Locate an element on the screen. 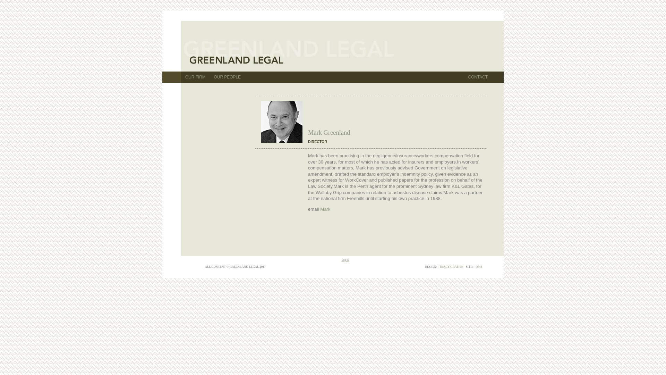 This screenshot has height=375, width=666. 'OUR PEOPLE' is located at coordinates (227, 77).